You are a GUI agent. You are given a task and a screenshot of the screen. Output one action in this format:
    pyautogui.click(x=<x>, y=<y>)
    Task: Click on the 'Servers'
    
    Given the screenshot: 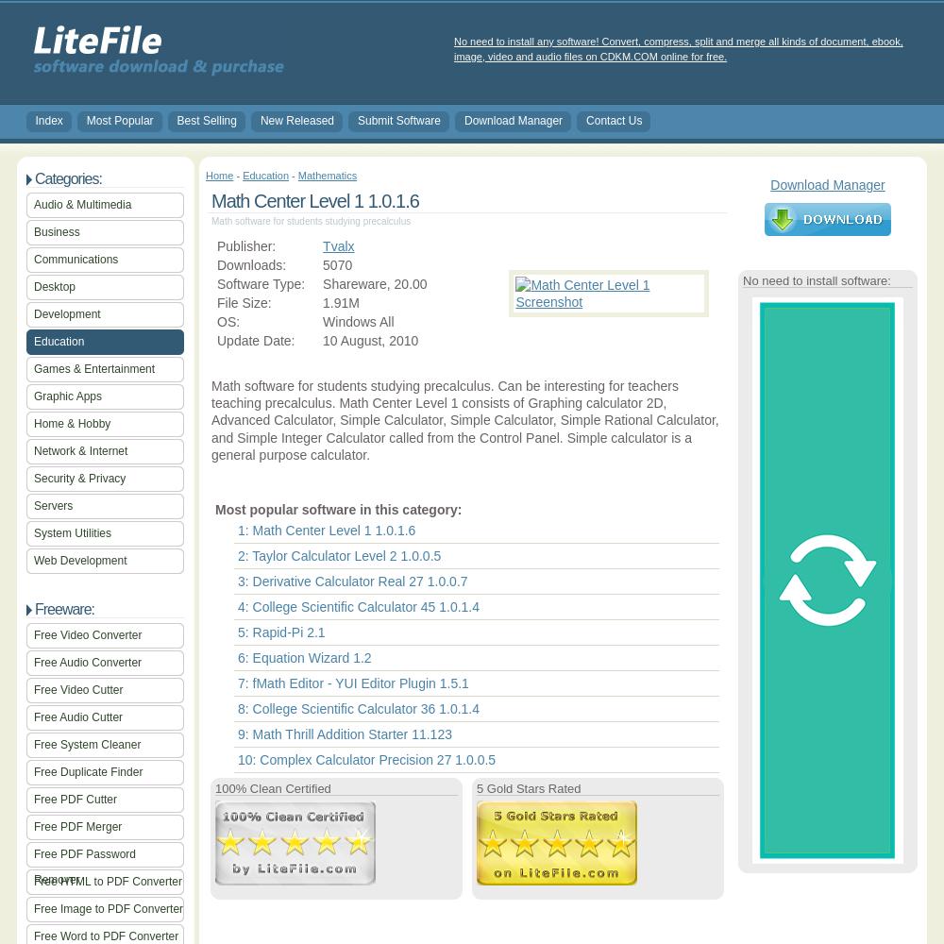 What is the action you would take?
    pyautogui.click(x=53, y=506)
    